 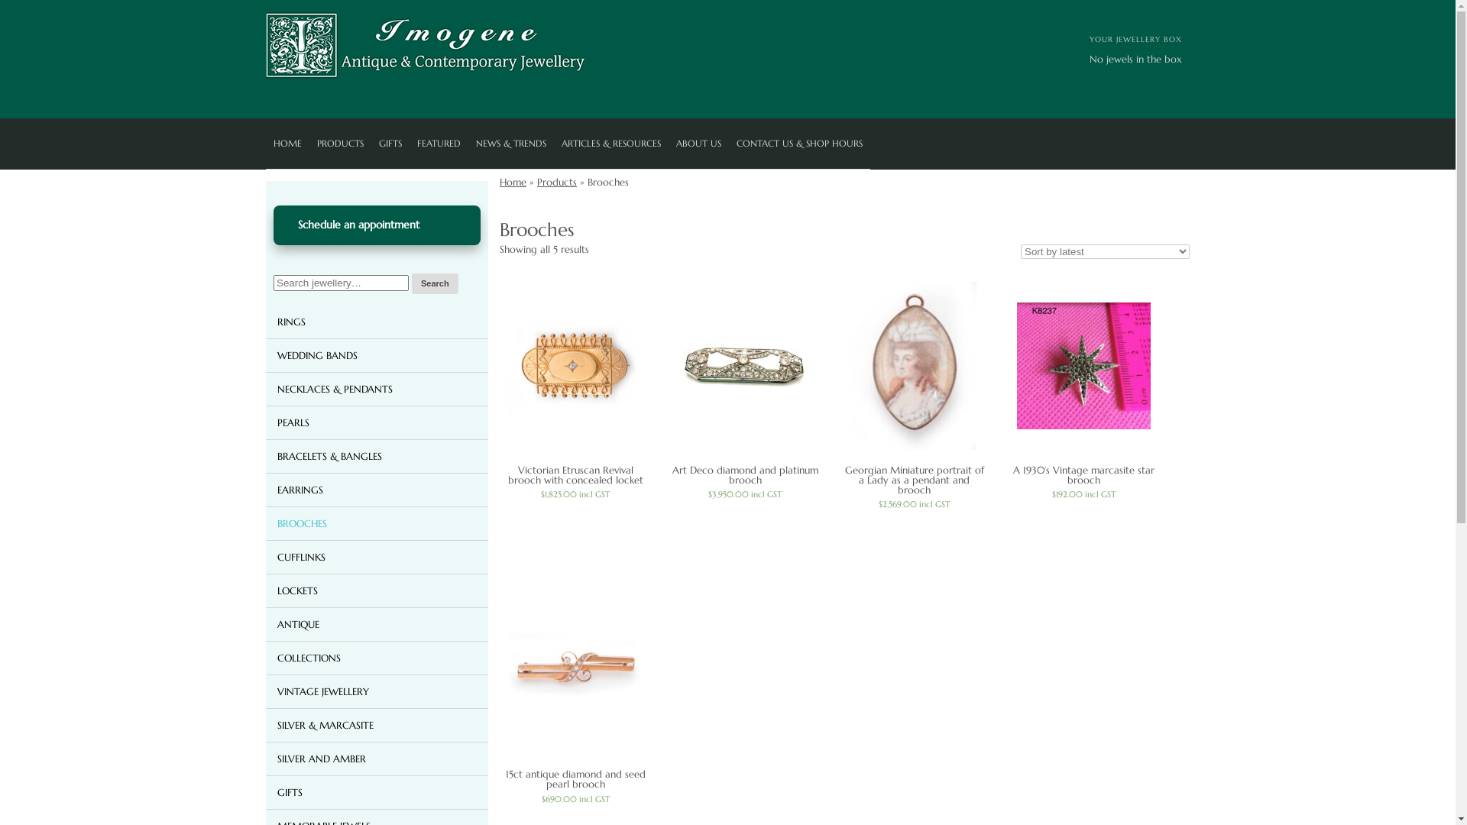 What do you see at coordinates (411, 283) in the screenshot?
I see `'Search'` at bounding box center [411, 283].